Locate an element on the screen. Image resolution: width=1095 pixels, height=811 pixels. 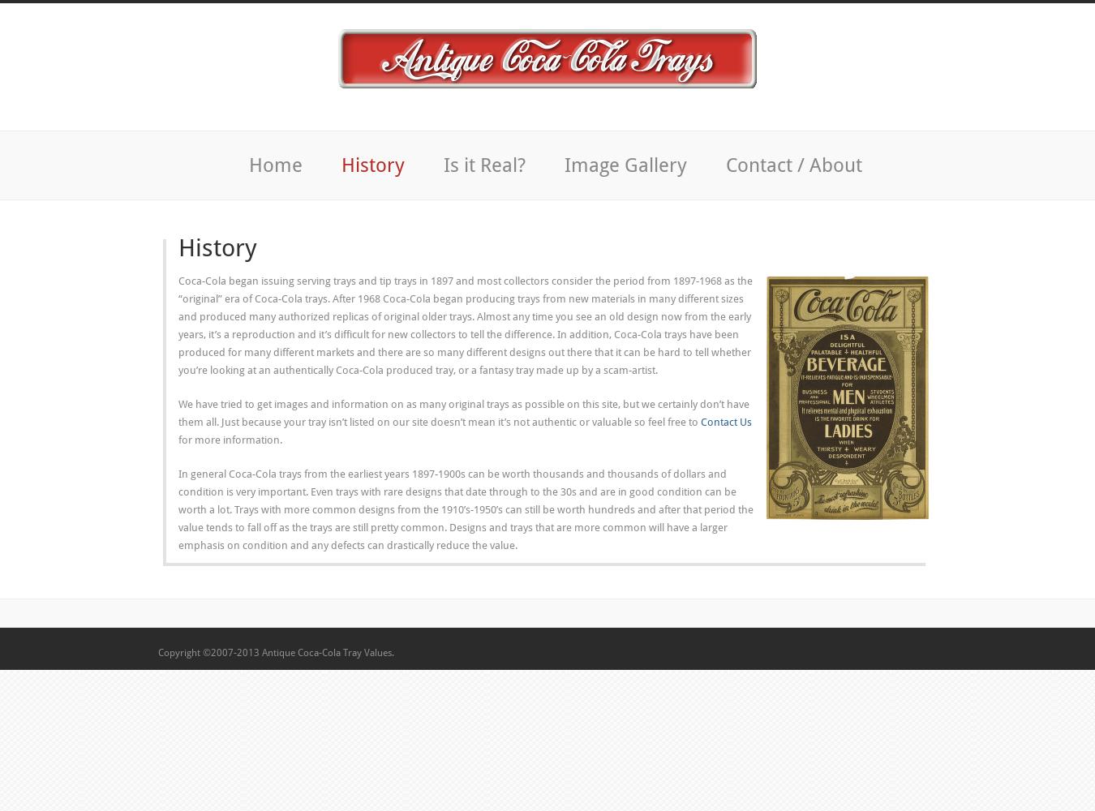
'Contact / About' is located at coordinates (793, 165).